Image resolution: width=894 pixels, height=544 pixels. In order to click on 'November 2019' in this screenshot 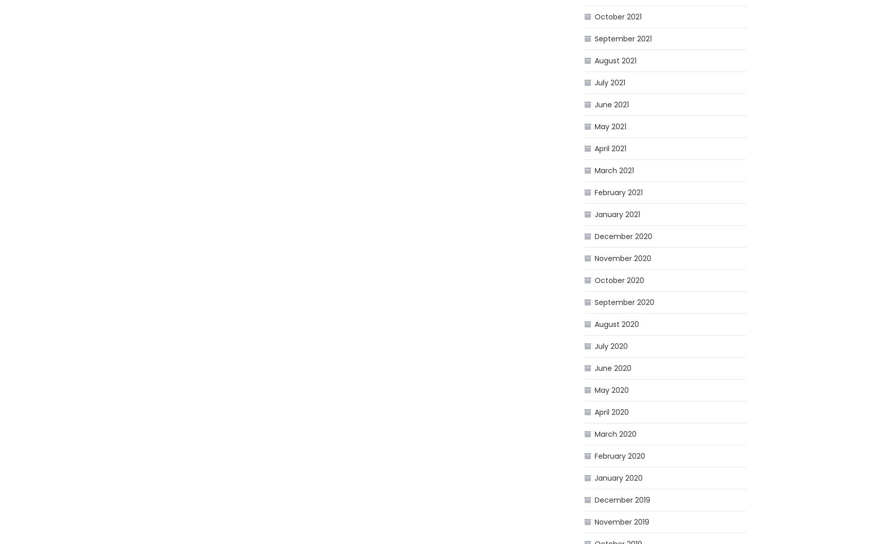, I will do `click(594, 522)`.